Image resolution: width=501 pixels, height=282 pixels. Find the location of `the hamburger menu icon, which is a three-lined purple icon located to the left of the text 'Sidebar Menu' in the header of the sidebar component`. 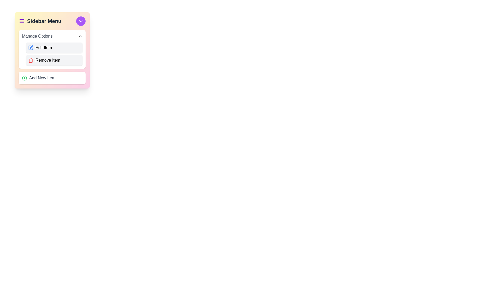

the hamburger menu icon, which is a three-lined purple icon located to the left of the text 'Sidebar Menu' in the header of the sidebar component is located at coordinates (21, 21).